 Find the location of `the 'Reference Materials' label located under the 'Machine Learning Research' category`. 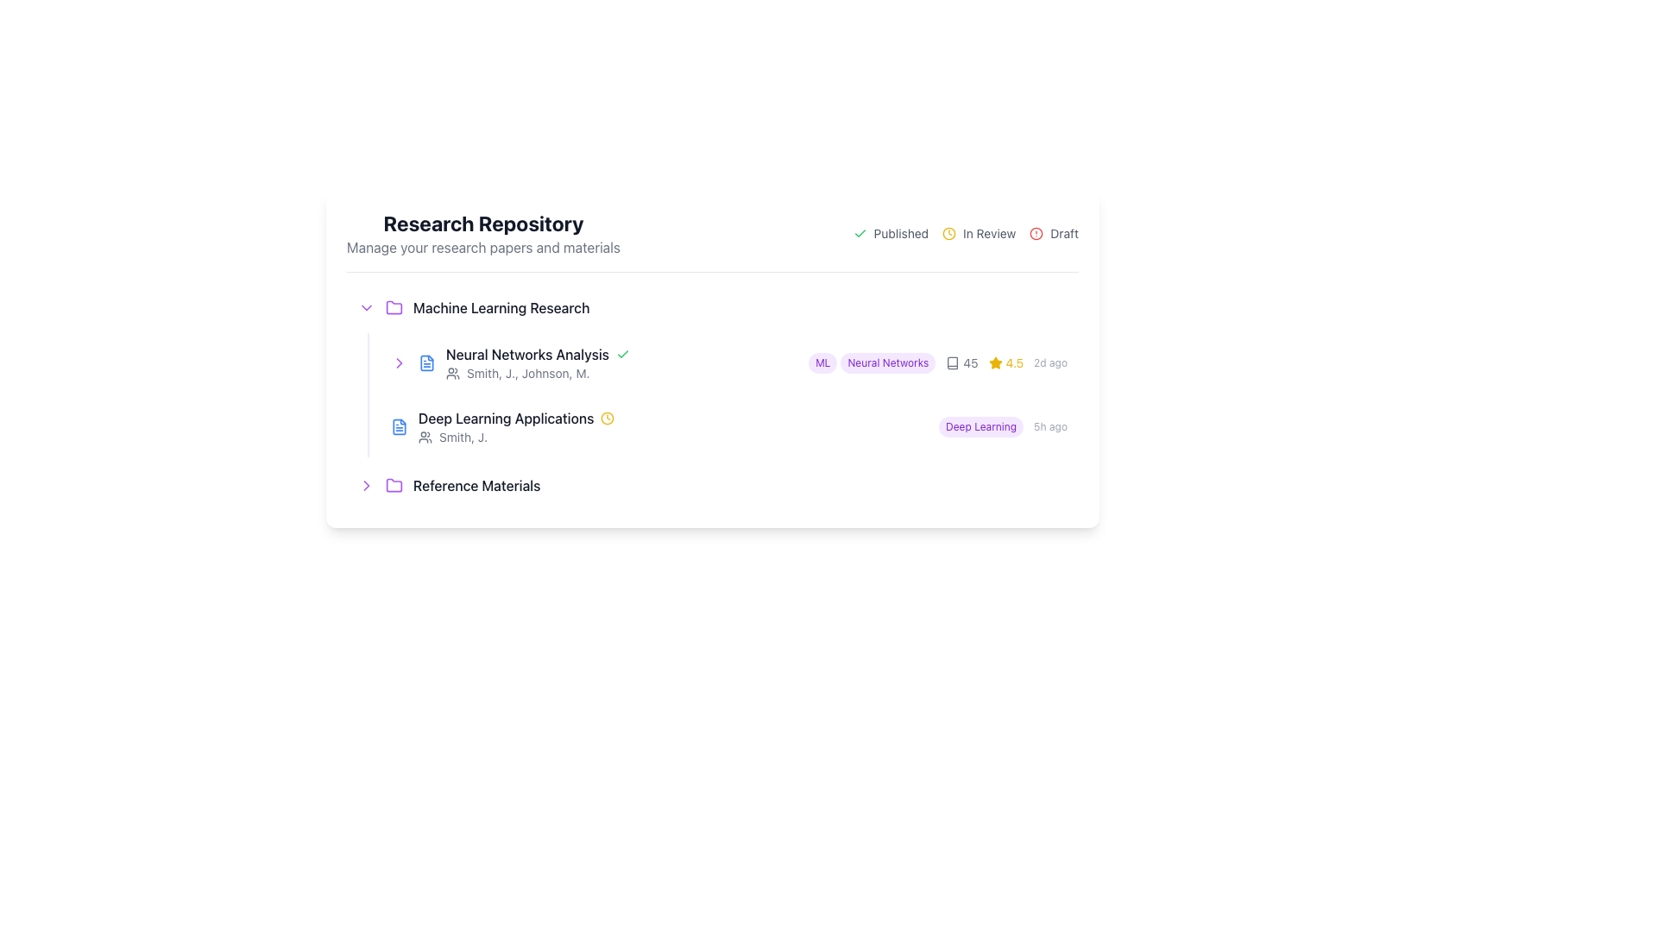

the 'Reference Materials' label located under the 'Machine Learning Research' category is located at coordinates (476, 486).